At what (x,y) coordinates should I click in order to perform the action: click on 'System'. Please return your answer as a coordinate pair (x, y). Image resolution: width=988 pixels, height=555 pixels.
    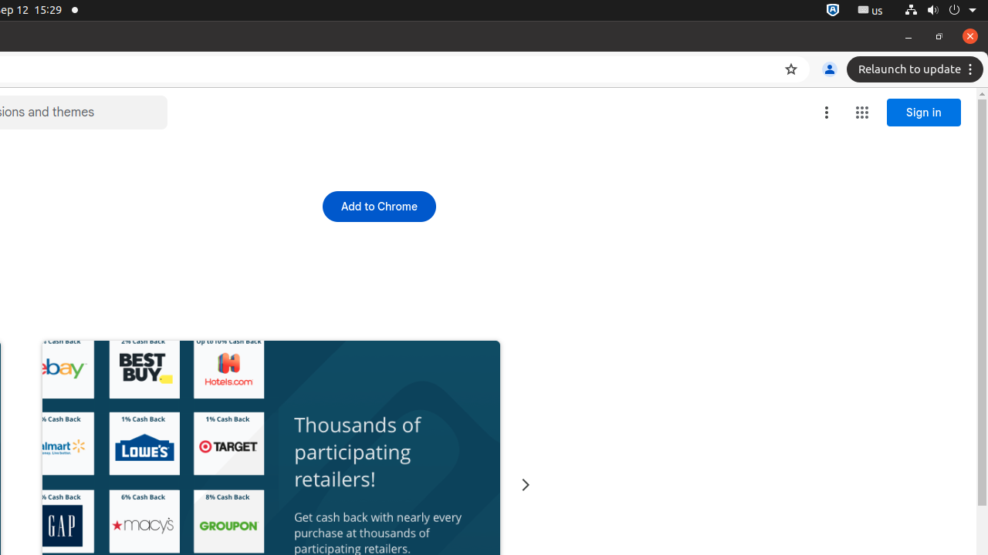
    Looking at the image, I should click on (939, 10).